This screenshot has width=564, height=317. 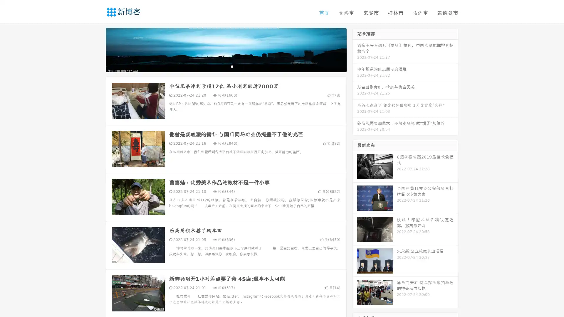 I want to click on Go to slide 3, so click(x=232, y=66).